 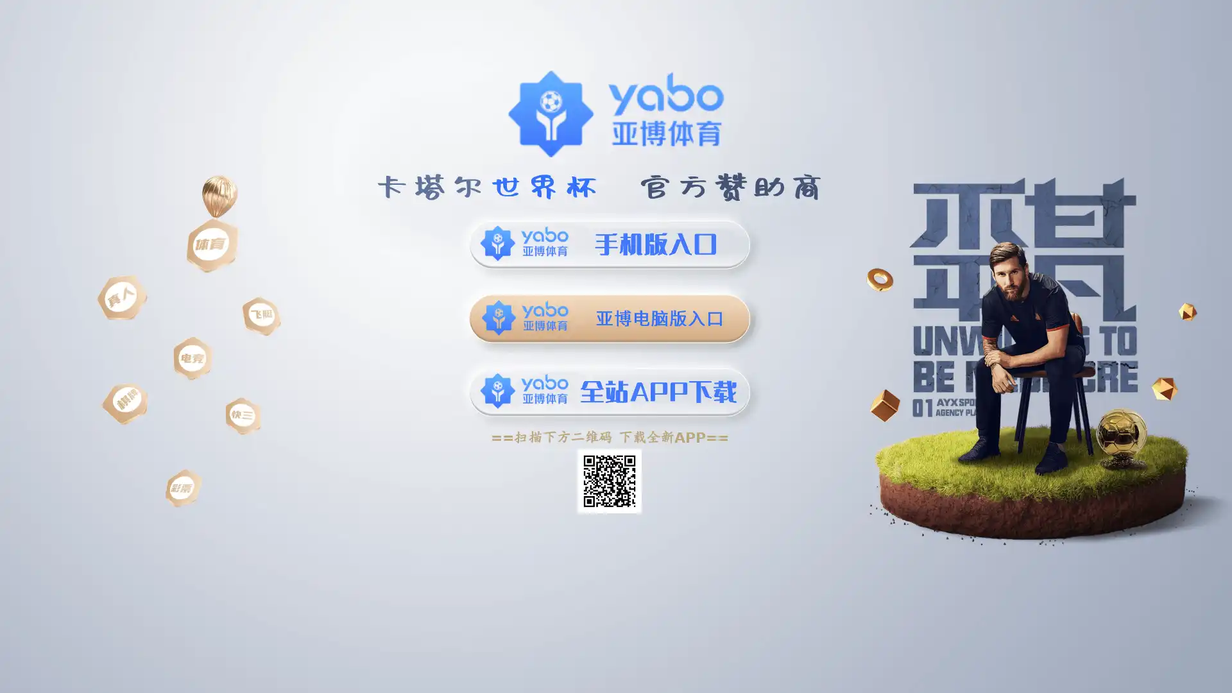 I want to click on Next slide, so click(x=985, y=300).